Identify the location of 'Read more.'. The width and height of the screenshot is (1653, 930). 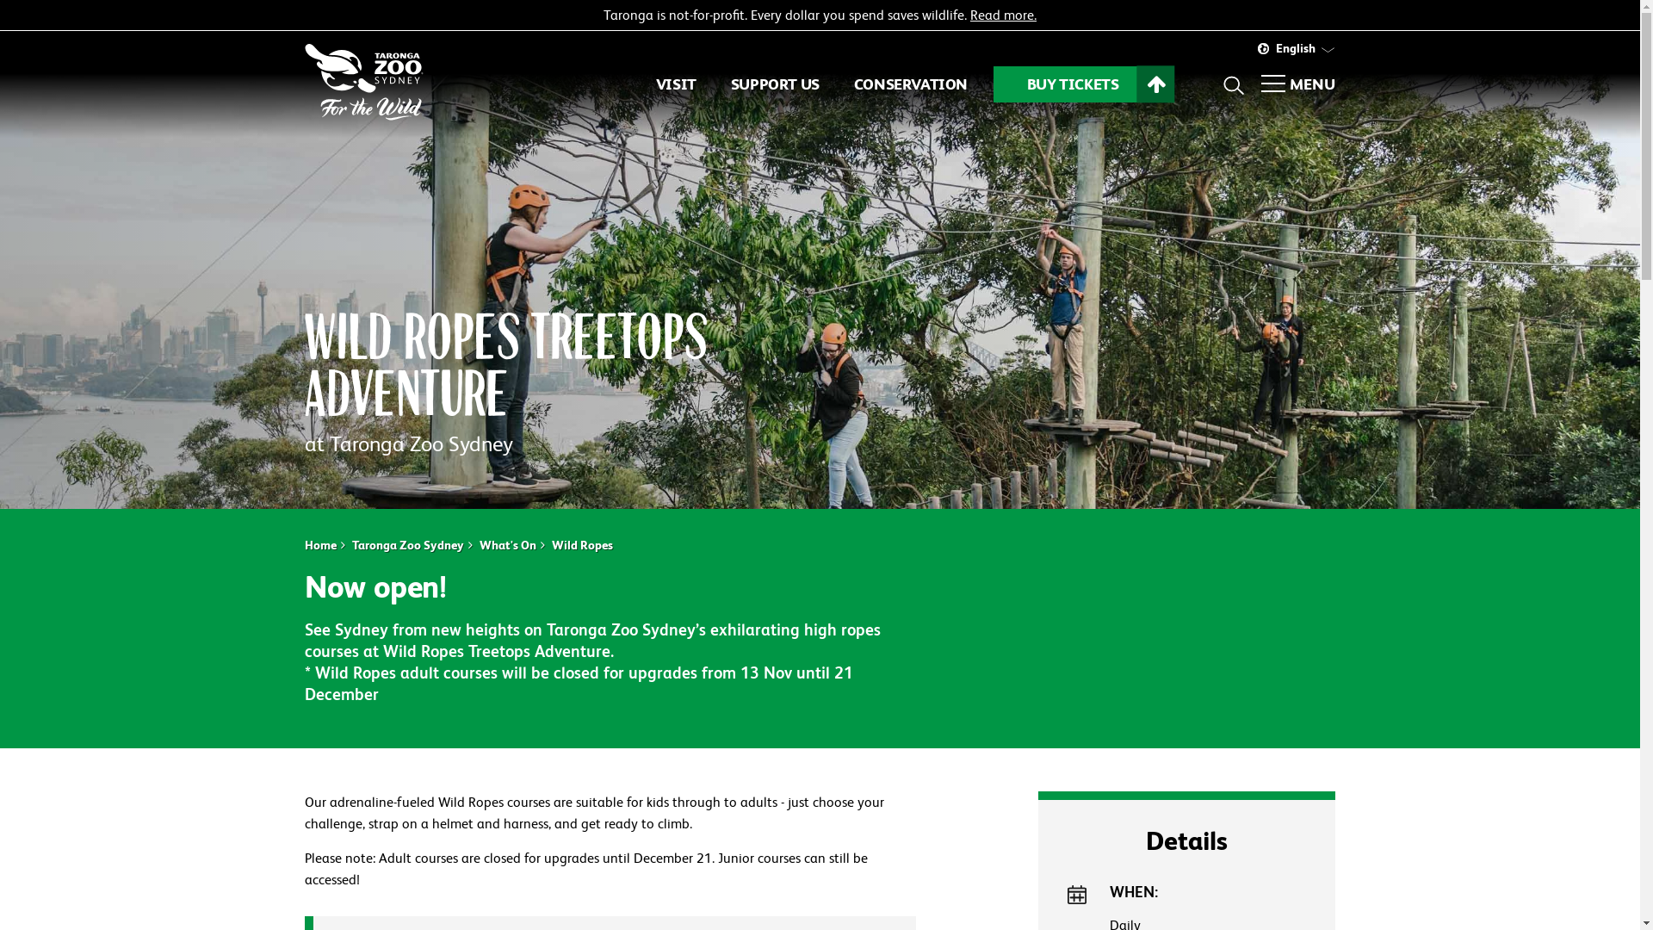
(1003, 15).